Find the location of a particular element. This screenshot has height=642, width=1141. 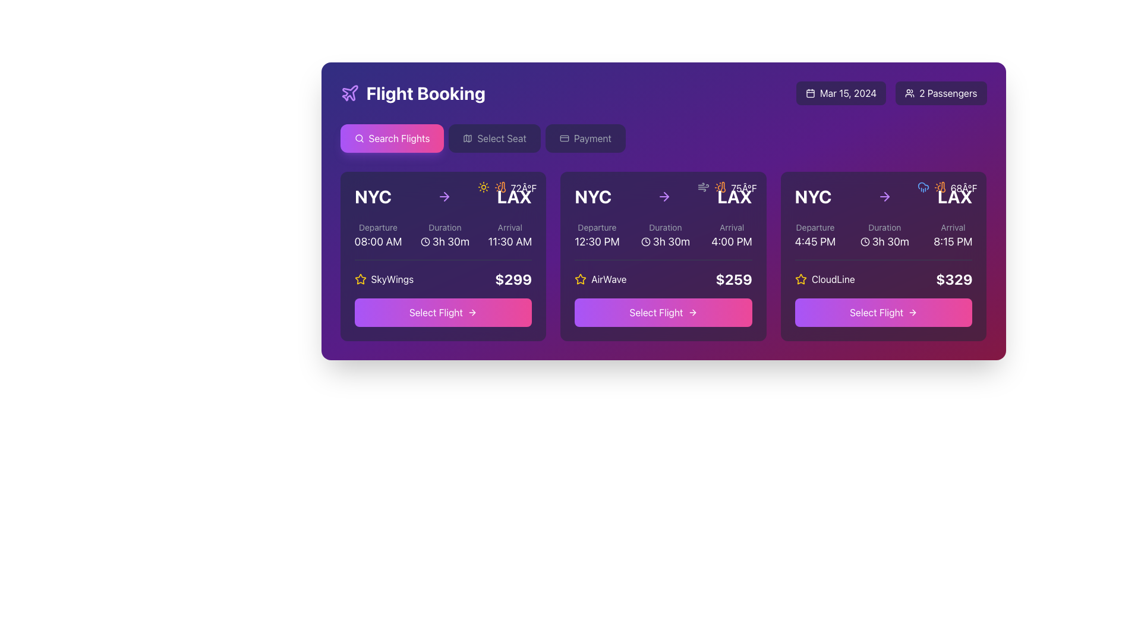

the vertical thermometer icon with a gradient orange hue in the top-right corner of the second flight details card is located at coordinates (723, 187).